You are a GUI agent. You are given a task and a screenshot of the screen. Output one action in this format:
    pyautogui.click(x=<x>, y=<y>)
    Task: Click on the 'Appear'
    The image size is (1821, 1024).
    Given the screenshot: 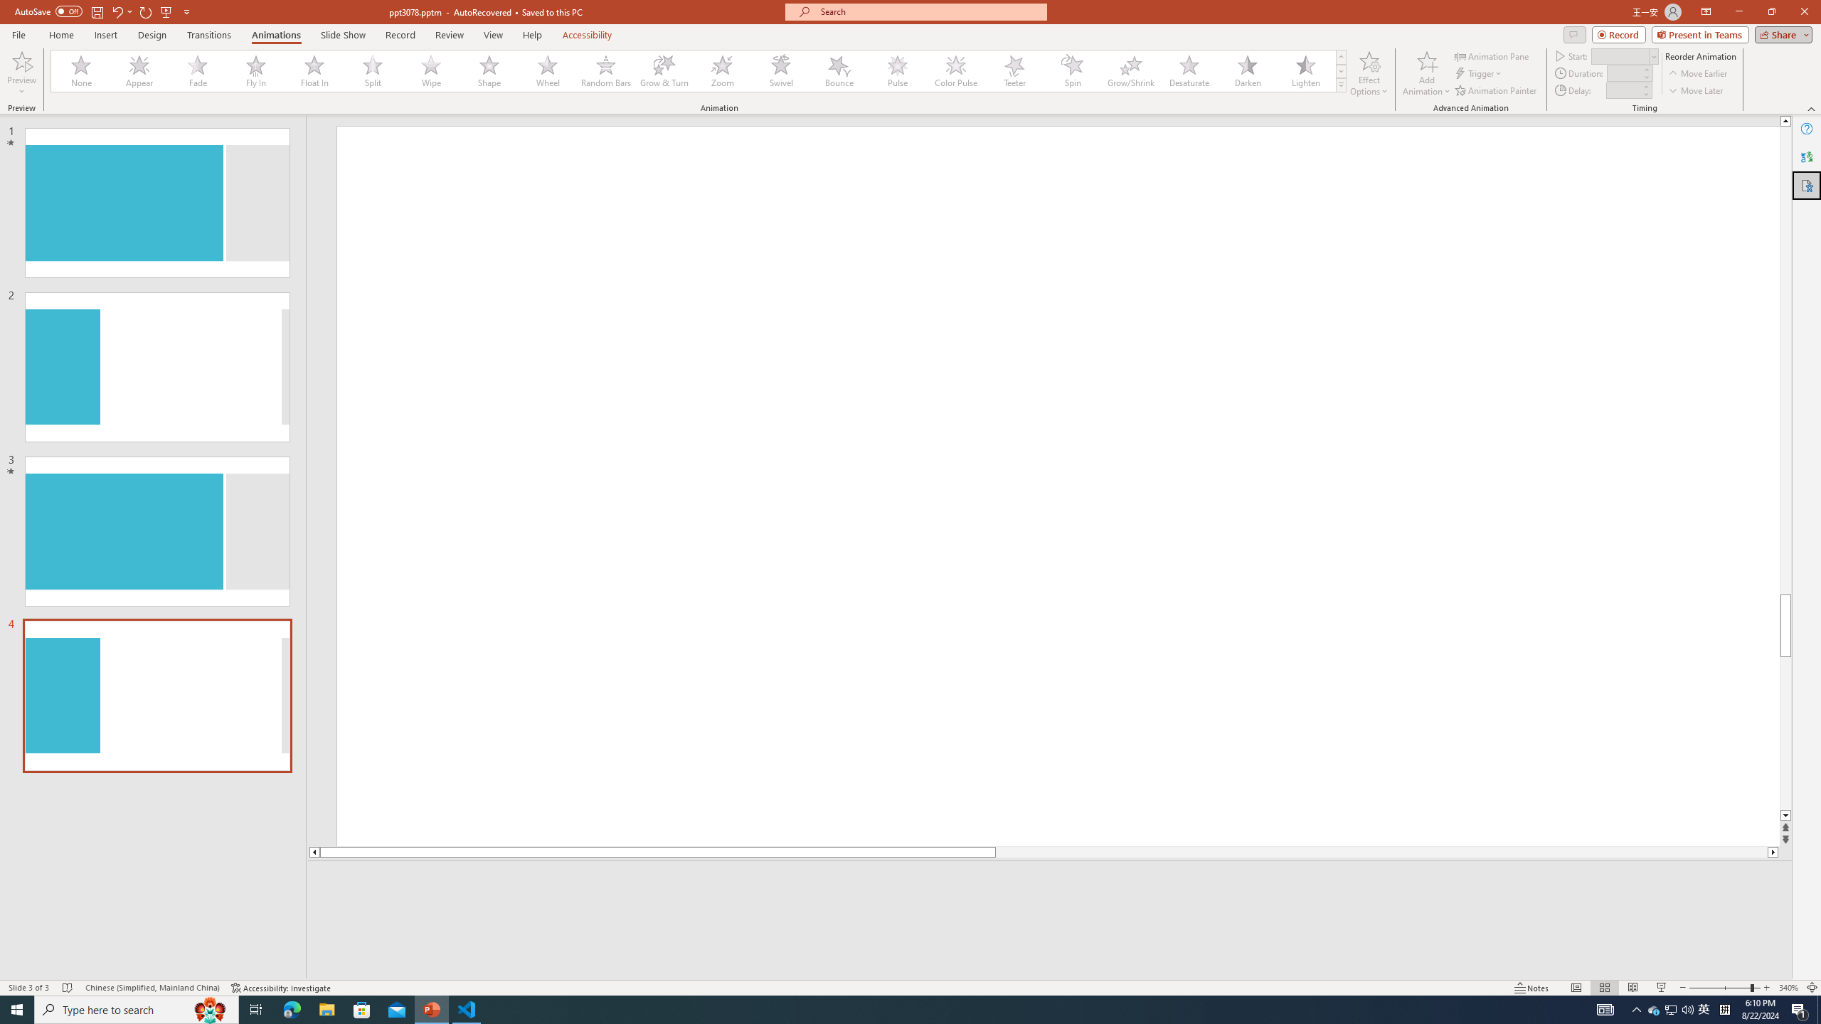 What is the action you would take?
    pyautogui.click(x=139, y=70)
    